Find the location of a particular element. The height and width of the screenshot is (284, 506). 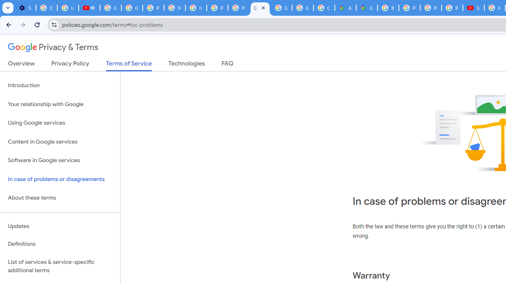

'Settings - Customize profile' is located at coordinates (25, 8).